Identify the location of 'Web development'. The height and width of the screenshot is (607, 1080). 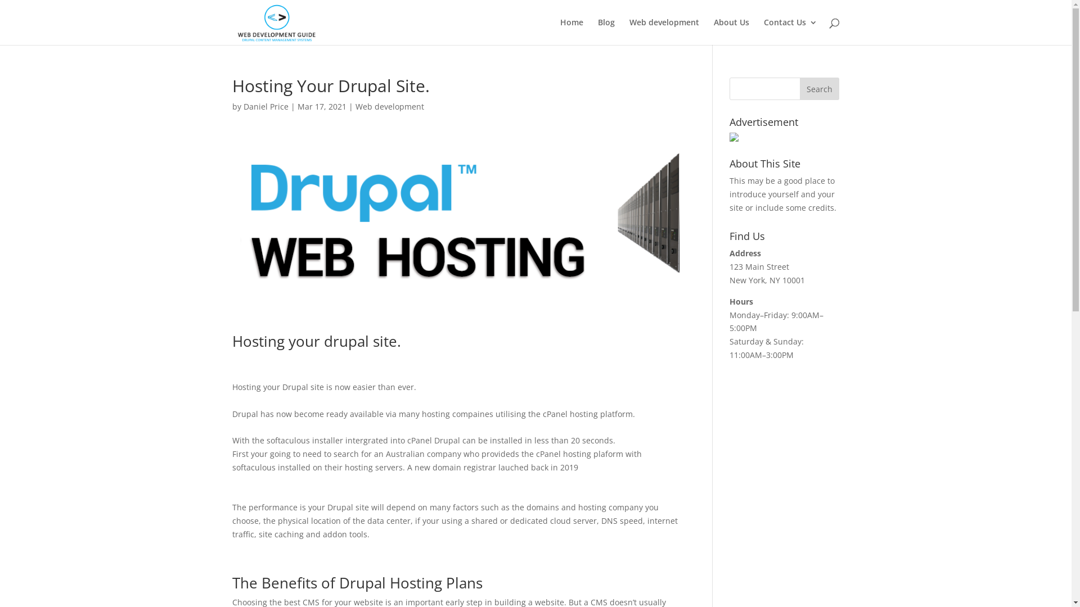
(389, 106).